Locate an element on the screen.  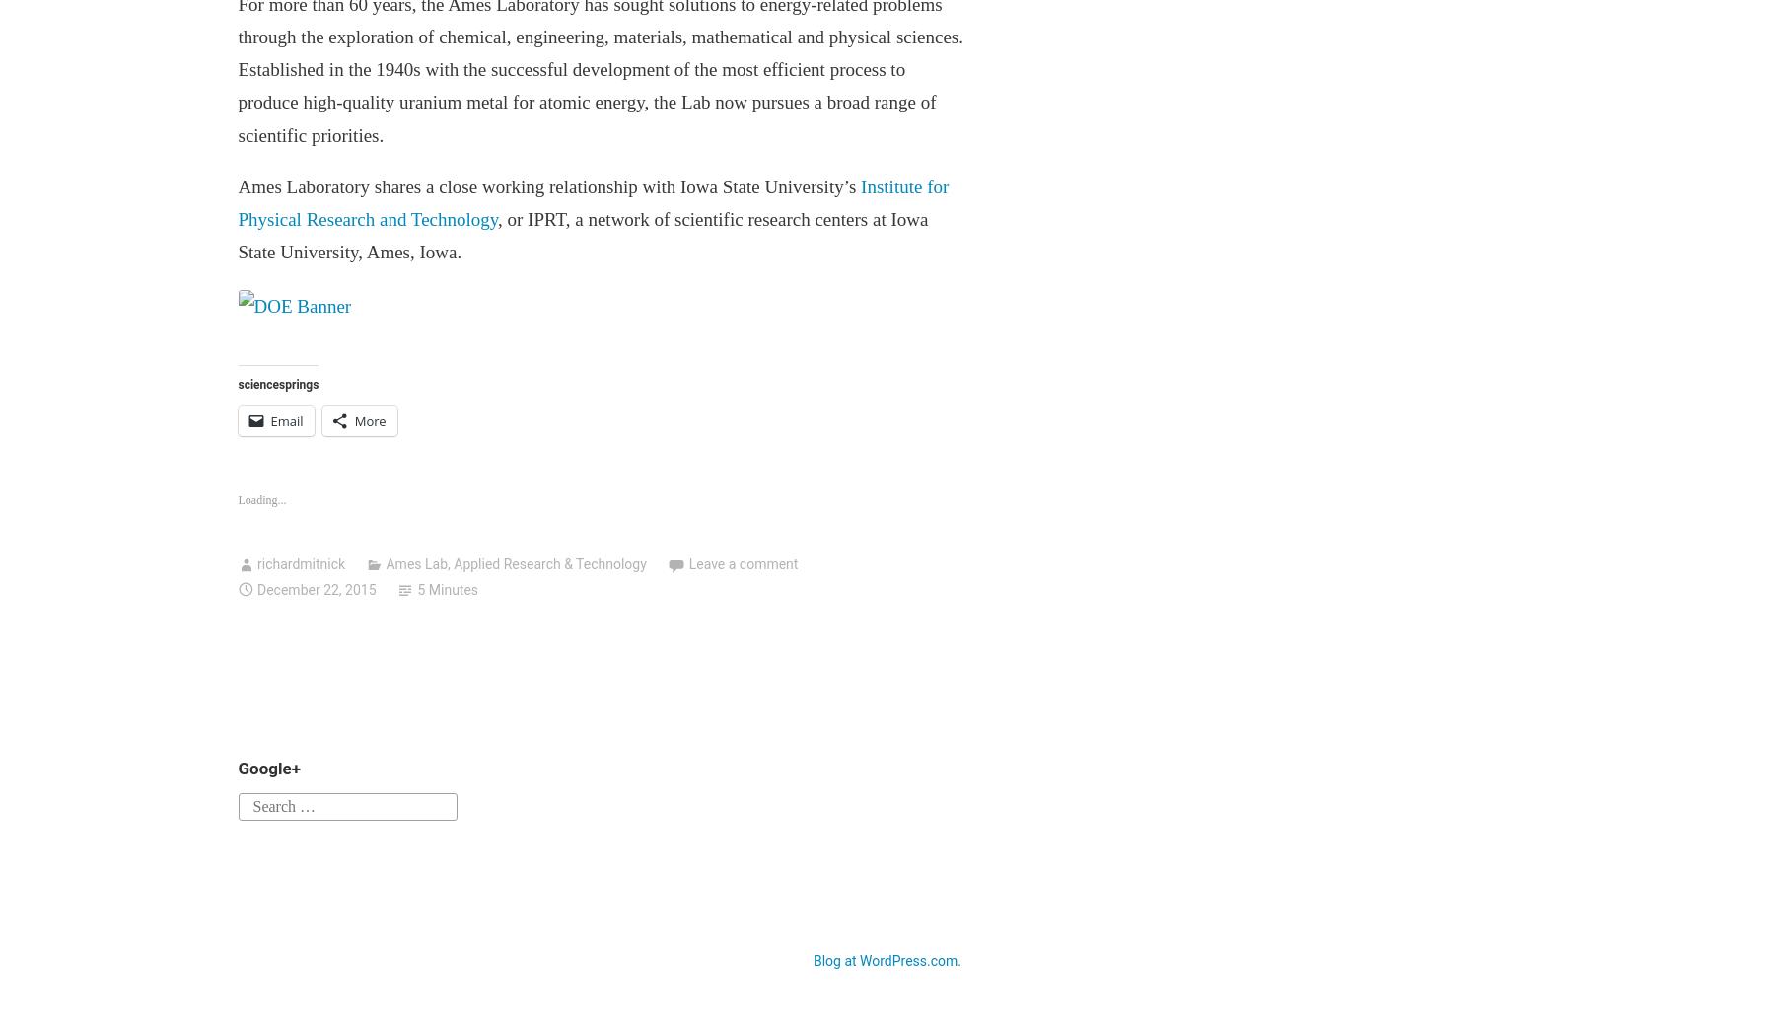
', or IPRT, a network of scientific research centers at Iowa State University, Ames, Iowa.' is located at coordinates (237, 235).